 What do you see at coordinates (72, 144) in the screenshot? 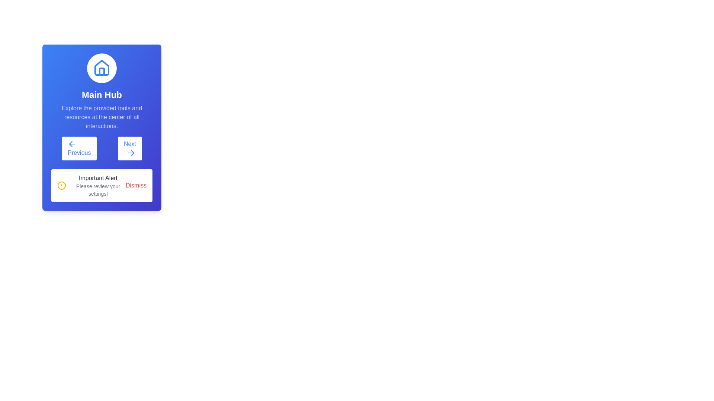
I see `the compact left-arrow icon displayed in blue color, which is part of the 'Previous' button located on the left side of the interactive area` at bounding box center [72, 144].